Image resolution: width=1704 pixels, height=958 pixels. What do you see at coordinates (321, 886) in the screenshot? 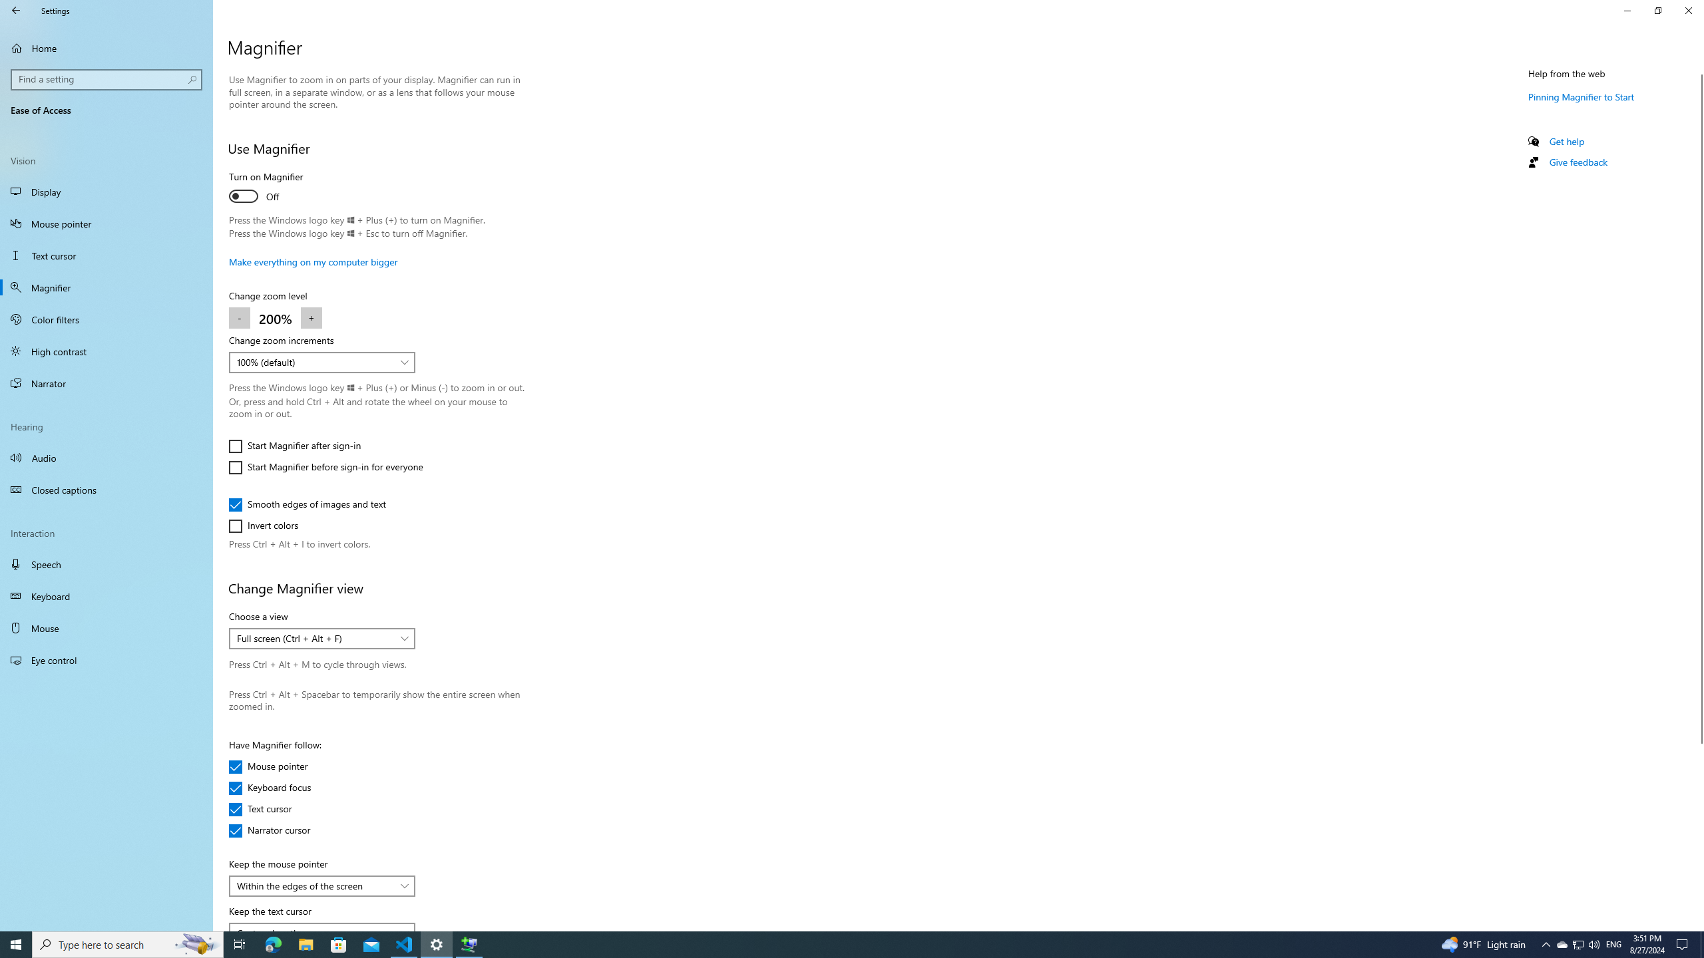
I see `'Keep the mouse pointer'` at bounding box center [321, 886].